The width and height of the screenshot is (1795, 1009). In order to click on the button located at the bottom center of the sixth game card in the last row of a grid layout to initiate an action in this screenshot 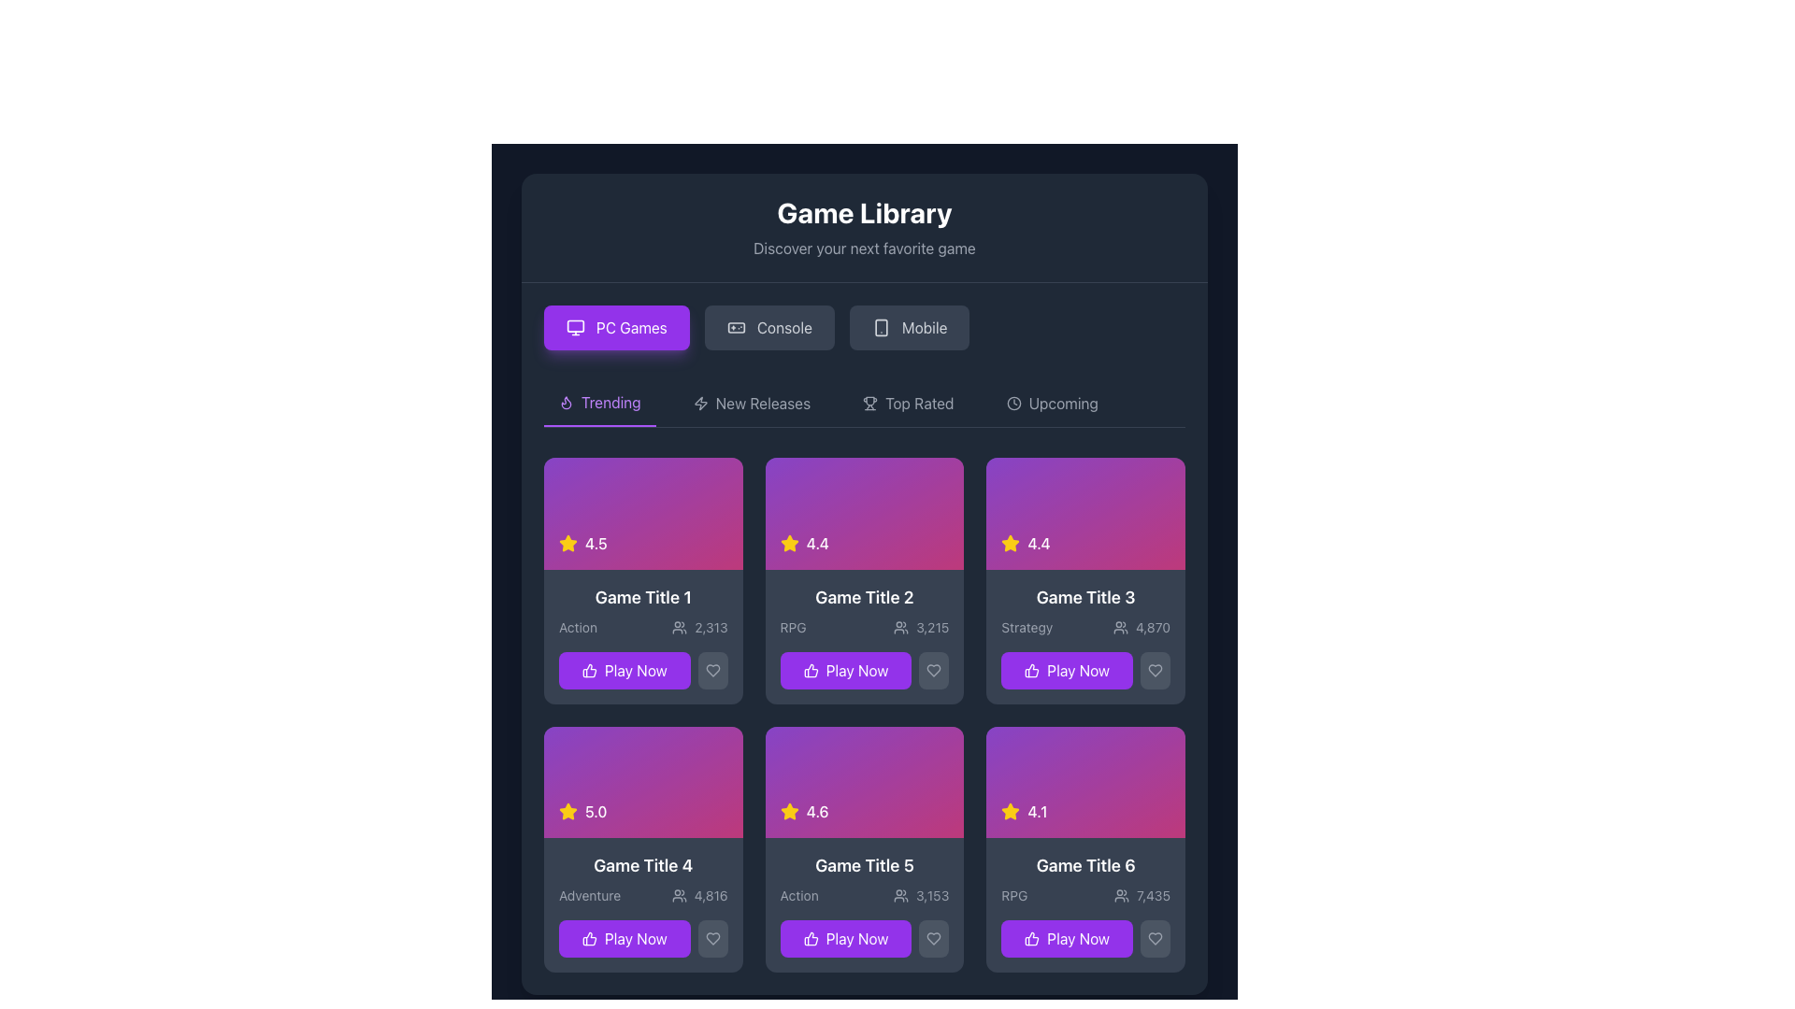, I will do `click(1067, 939)`.